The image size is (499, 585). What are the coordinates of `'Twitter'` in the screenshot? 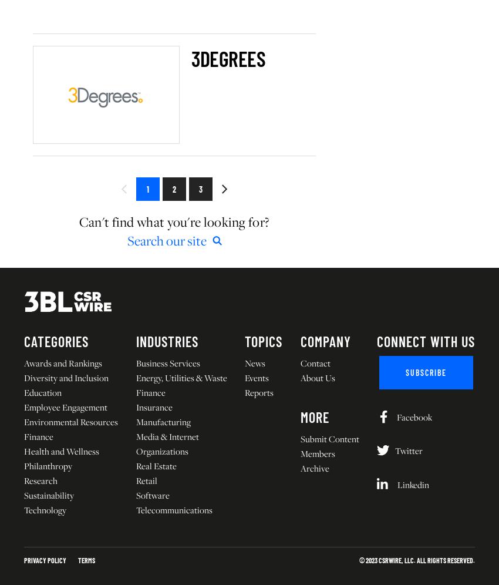 It's located at (408, 450).